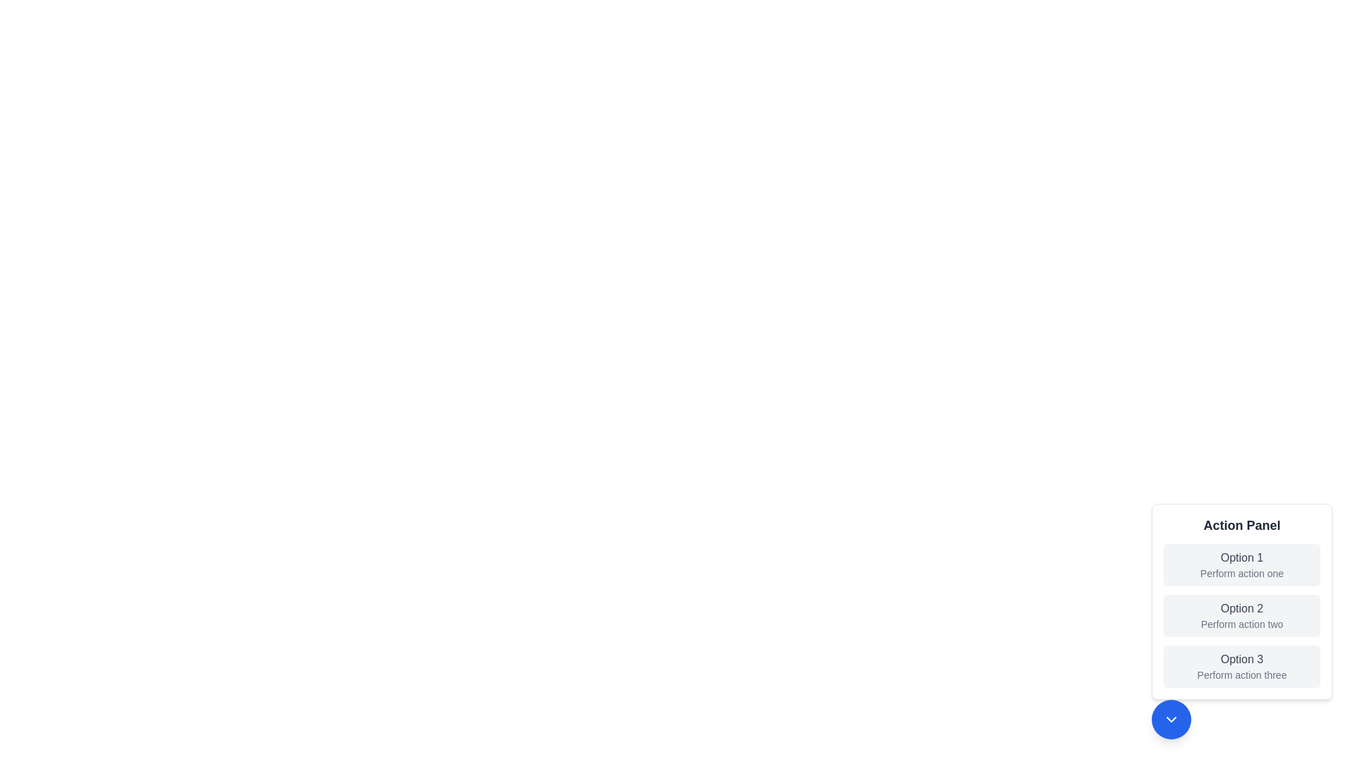 Image resolution: width=1355 pixels, height=762 pixels. I want to click on the Chevron Icon button located inside the circular blue button at the bottom-right of the interface, so click(1172, 719).